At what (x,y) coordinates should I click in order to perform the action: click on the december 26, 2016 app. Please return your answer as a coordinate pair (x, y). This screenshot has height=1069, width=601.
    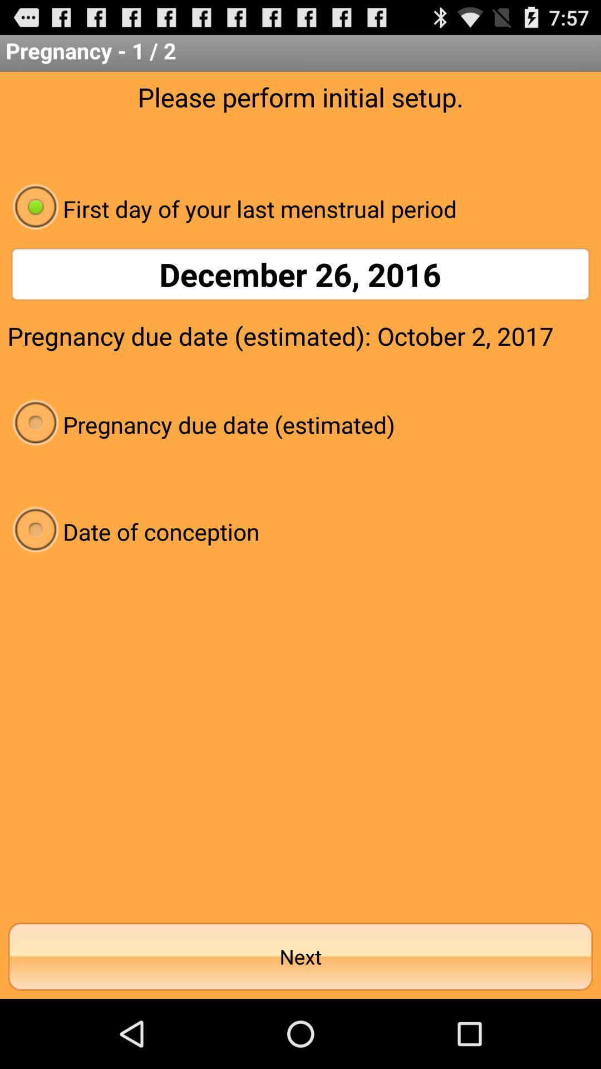
    Looking at the image, I should click on (300, 274).